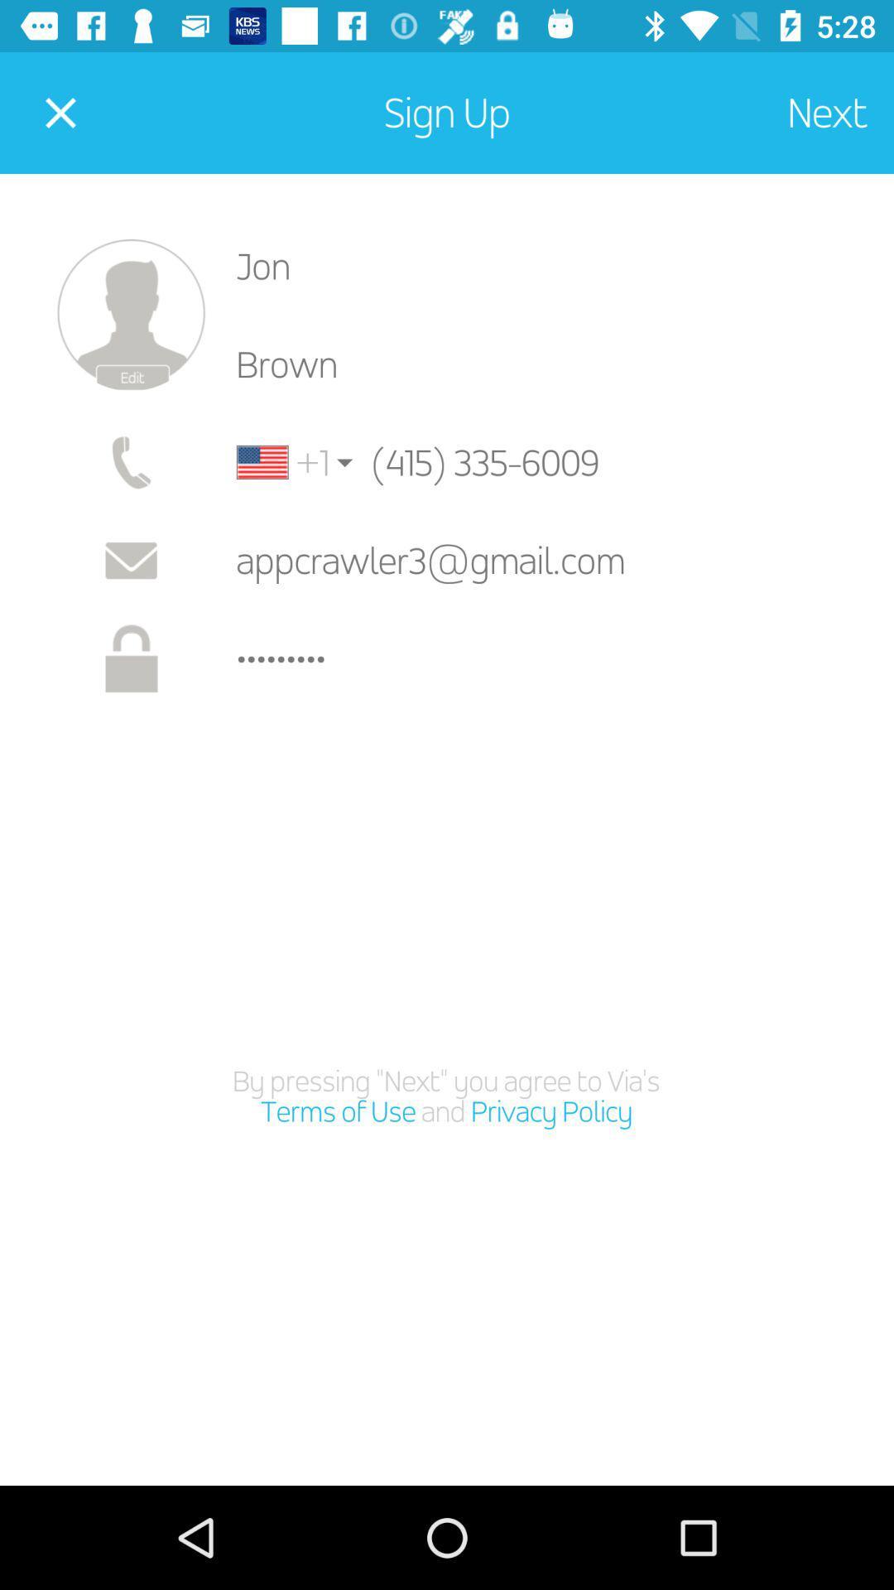  What do you see at coordinates (60, 112) in the screenshot?
I see `item next to sign up icon` at bounding box center [60, 112].